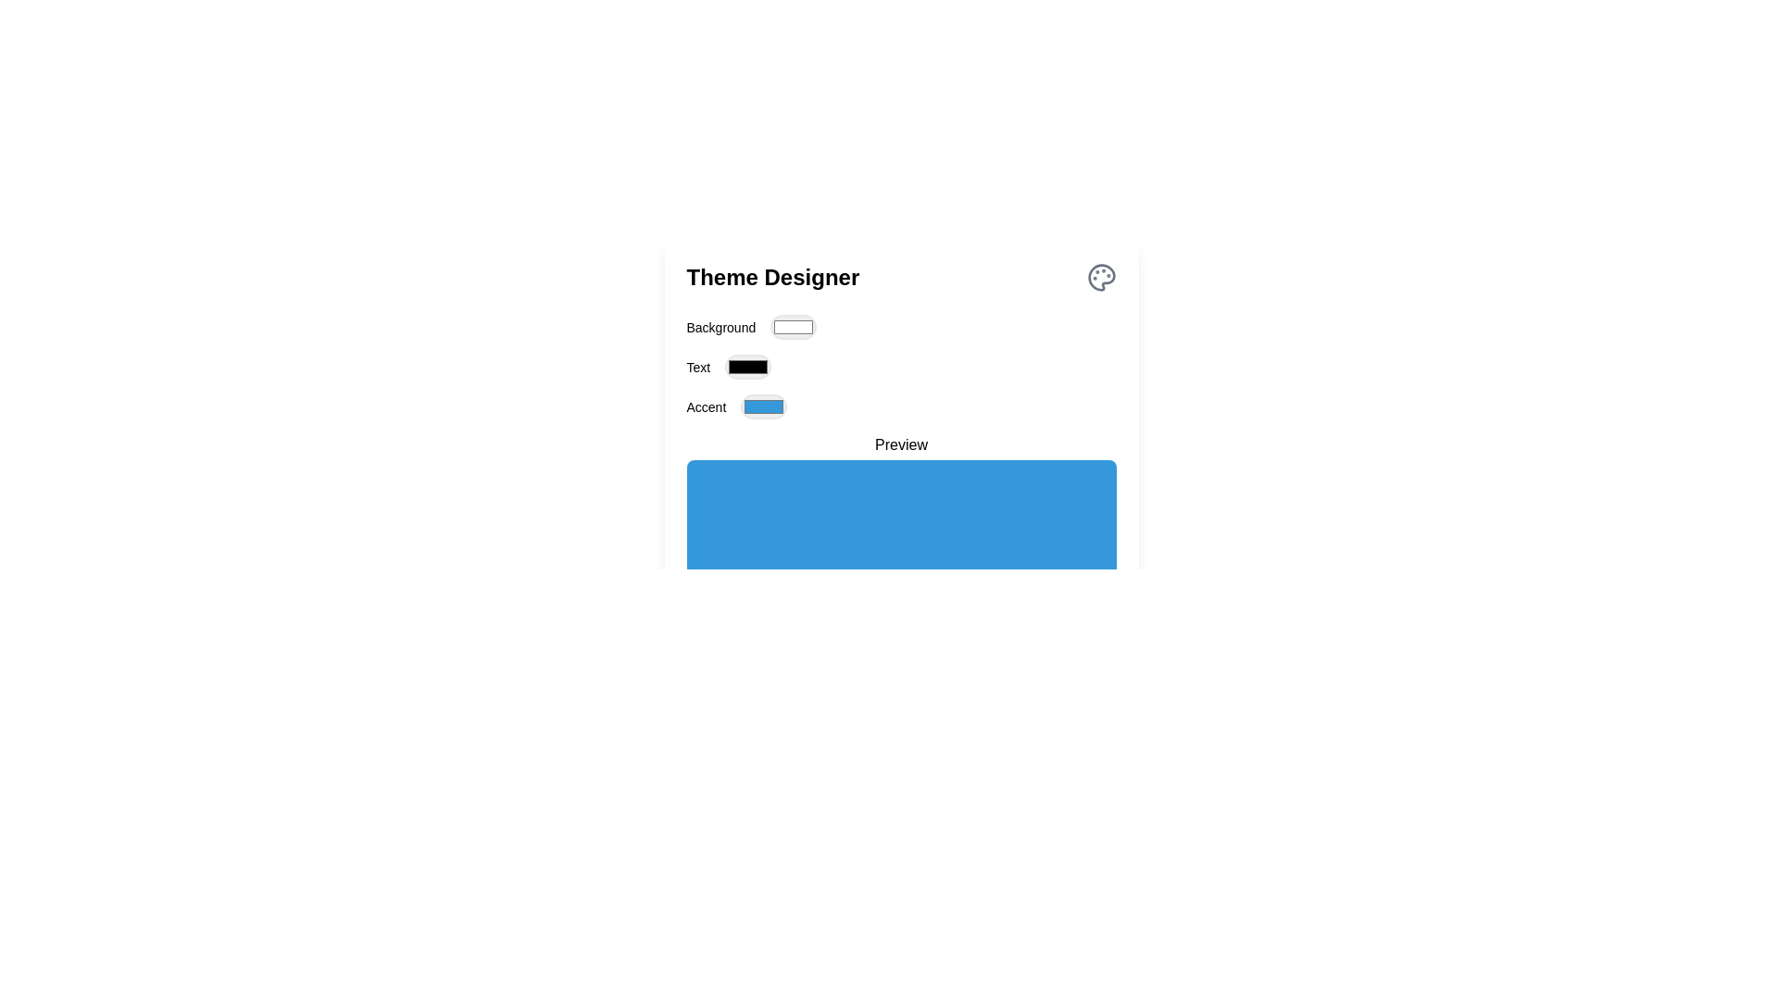  Describe the element at coordinates (901, 445) in the screenshot. I see `the 'Preview' label, which is styled in medium font weight, horizontally centered above a blue rectangular area, for potential additional information` at that location.